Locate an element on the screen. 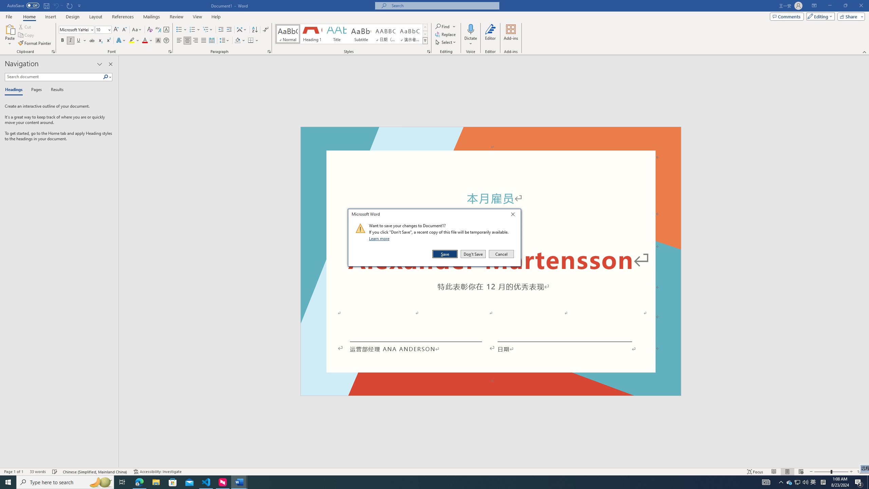 This screenshot has height=489, width=869. 'Zoom 100%' is located at coordinates (861, 472).